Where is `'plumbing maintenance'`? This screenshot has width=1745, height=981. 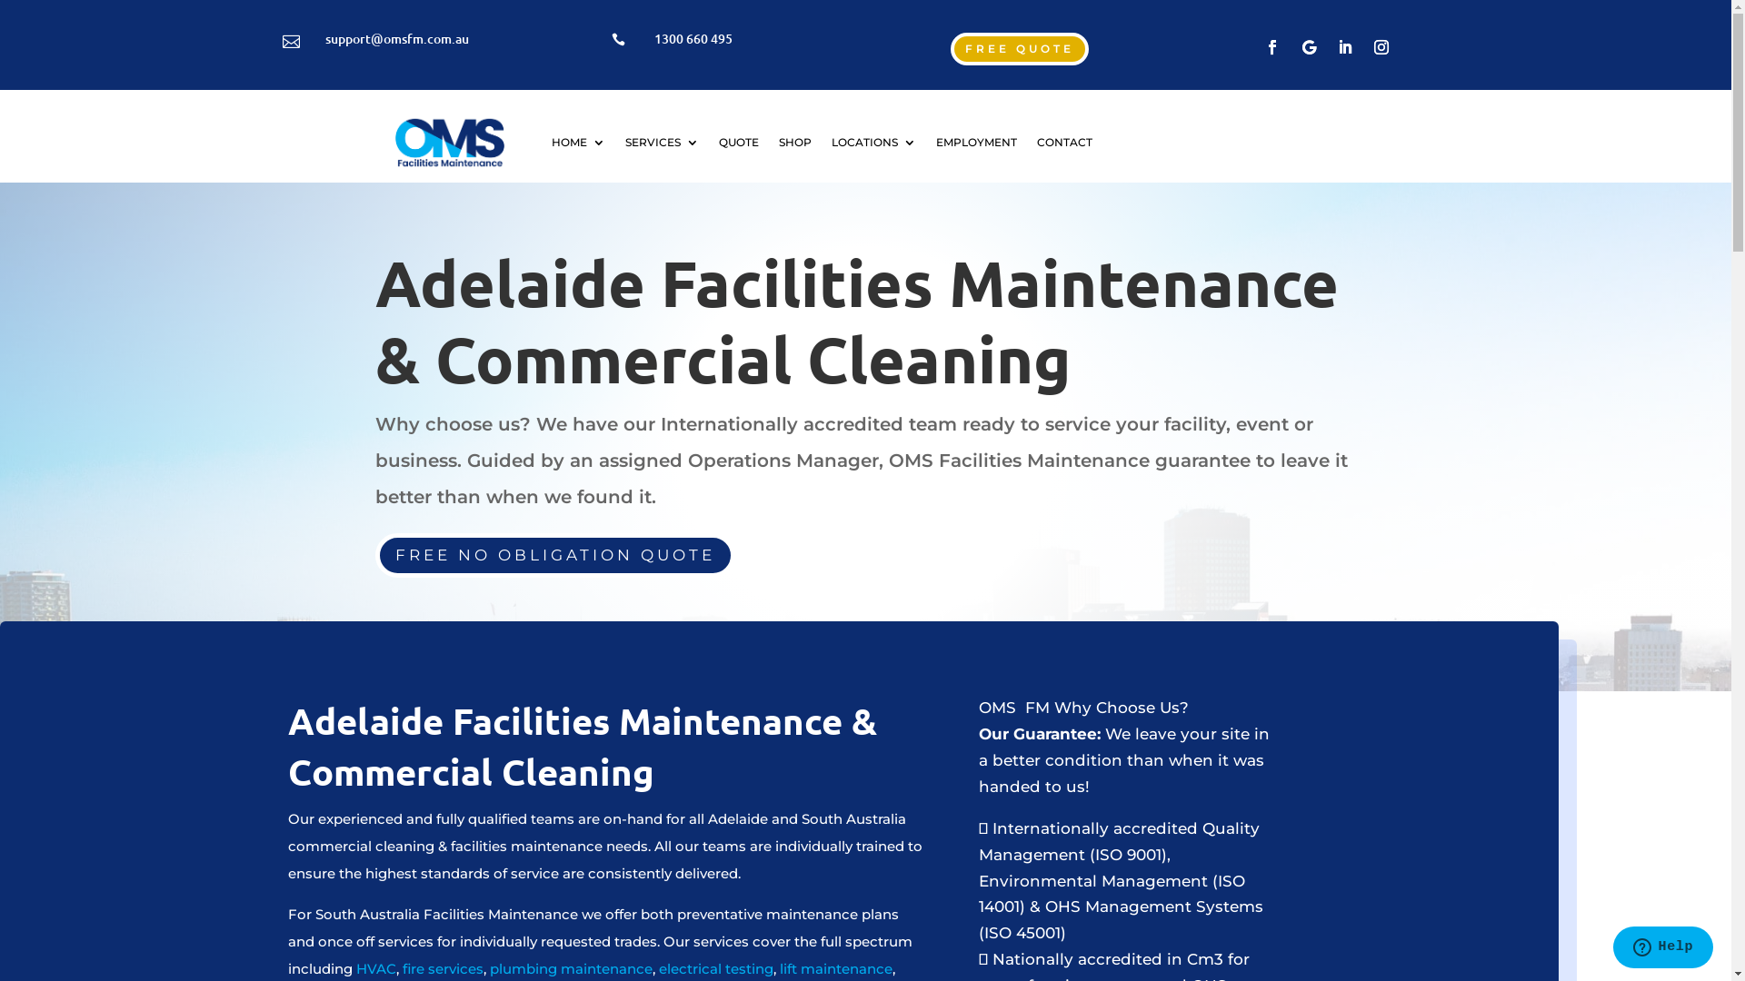
'plumbing maintenance' is located at coordinates (485, 967).